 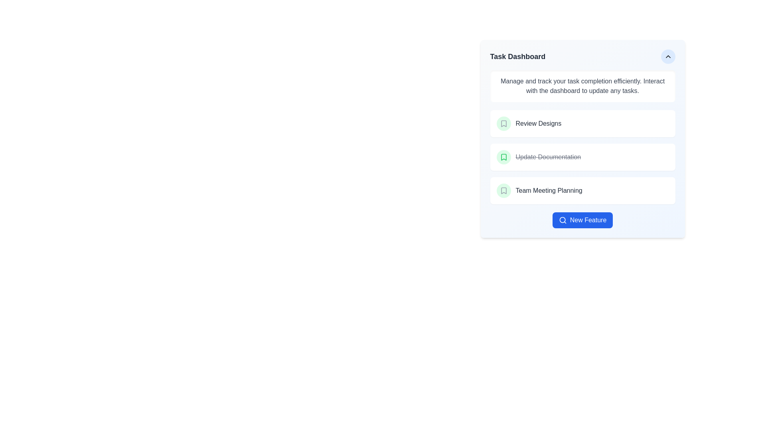 What do you see at coordinates (503, 157) in the screenshot?
I see `the bookmarking icon located to the left of the task title 'Update Documentation'` at bounding box center [503, 157].